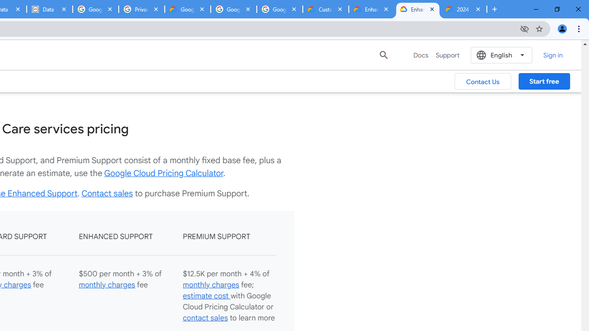 The width and height of the screenshot is (589, 331). I want to click on 'estimate cost ', so click(206, 296).